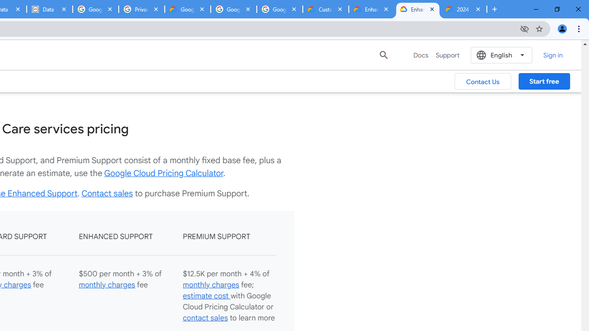 The width and height of the screenshot is (589, 331). I want to click on 'estimate cost ', so click(206, 296).